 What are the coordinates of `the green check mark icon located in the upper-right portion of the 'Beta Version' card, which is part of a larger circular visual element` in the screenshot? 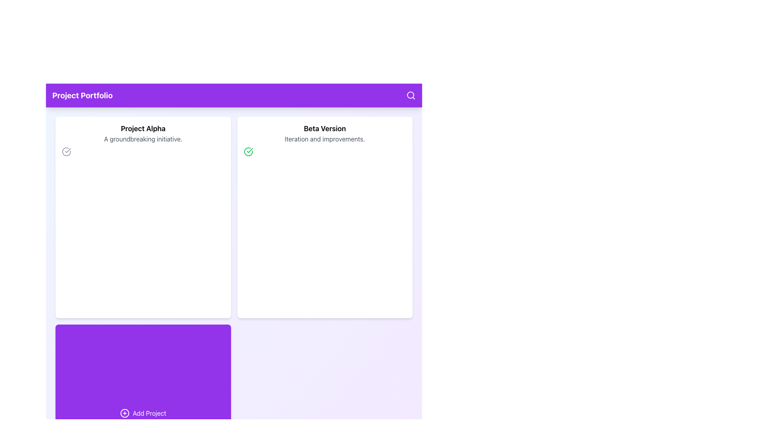 It's located at (249, 151).